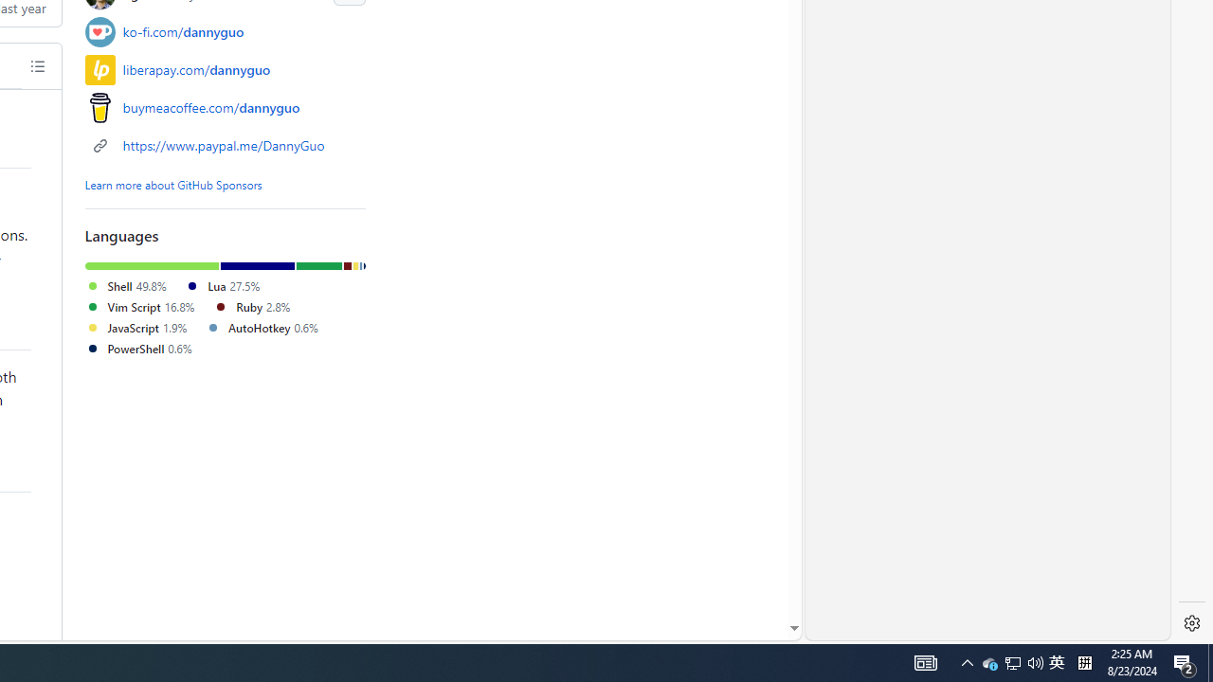 This screenshot has width=1213, height=682. What do you see at coordinates (173, 184) in the screenshot?
I see `'Learn more about GitHub Sponsors'` at bounding box center [173, 184].